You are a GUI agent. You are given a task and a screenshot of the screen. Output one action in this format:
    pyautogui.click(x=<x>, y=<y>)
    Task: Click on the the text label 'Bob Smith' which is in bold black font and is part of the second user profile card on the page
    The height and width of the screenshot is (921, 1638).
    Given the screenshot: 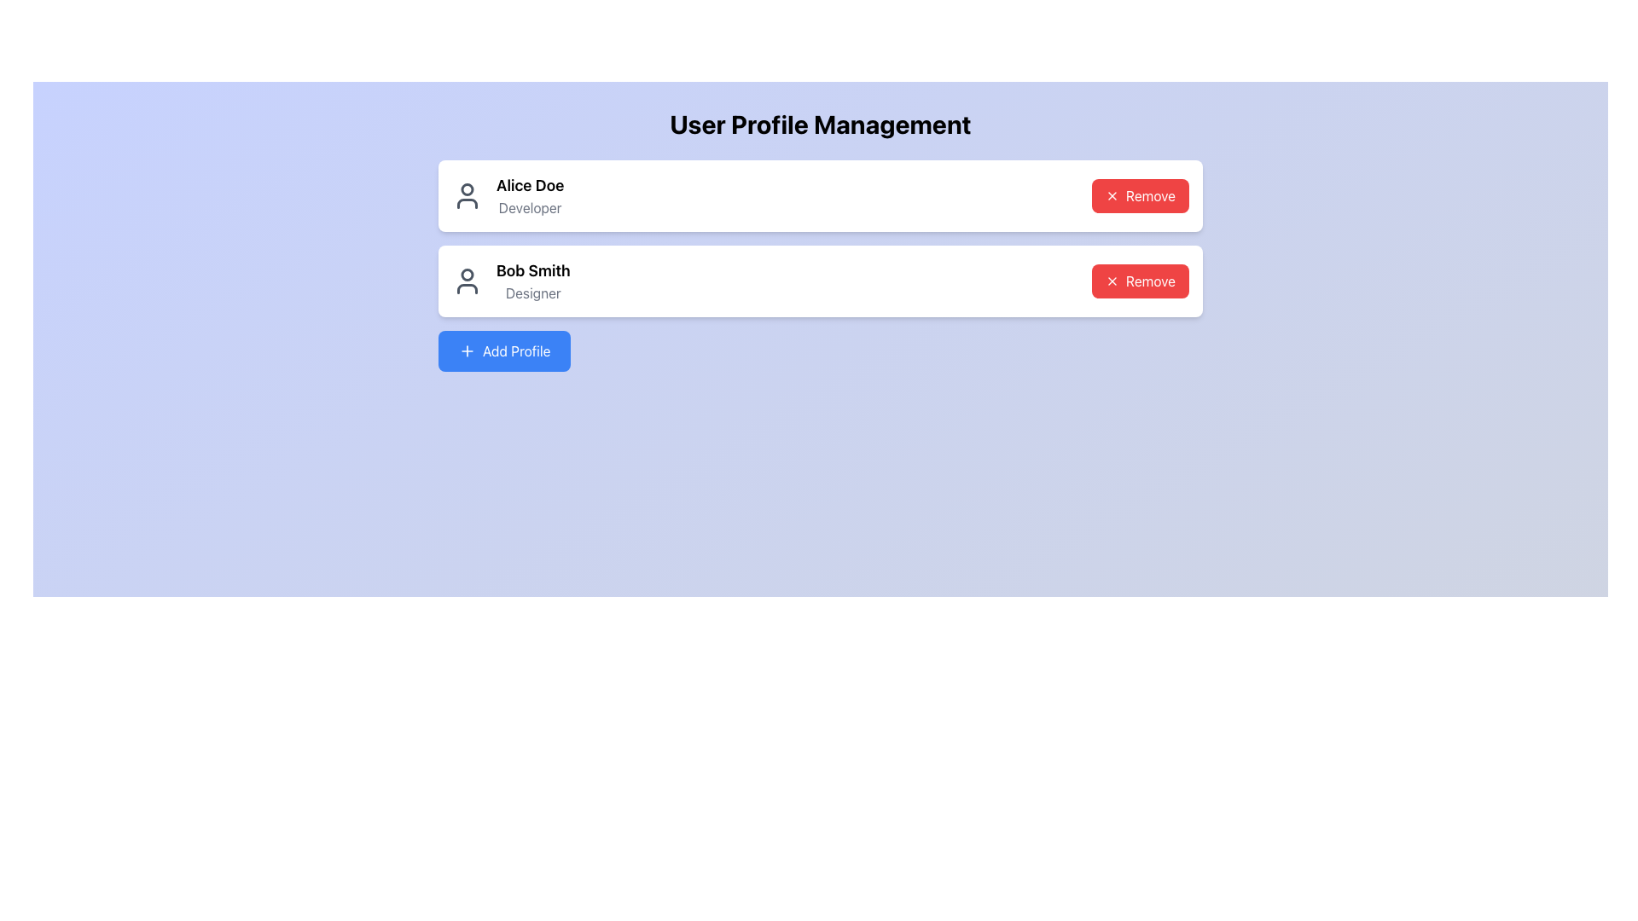 What is the action you would take?
    pyautogui.click(x=532, y=269)
    